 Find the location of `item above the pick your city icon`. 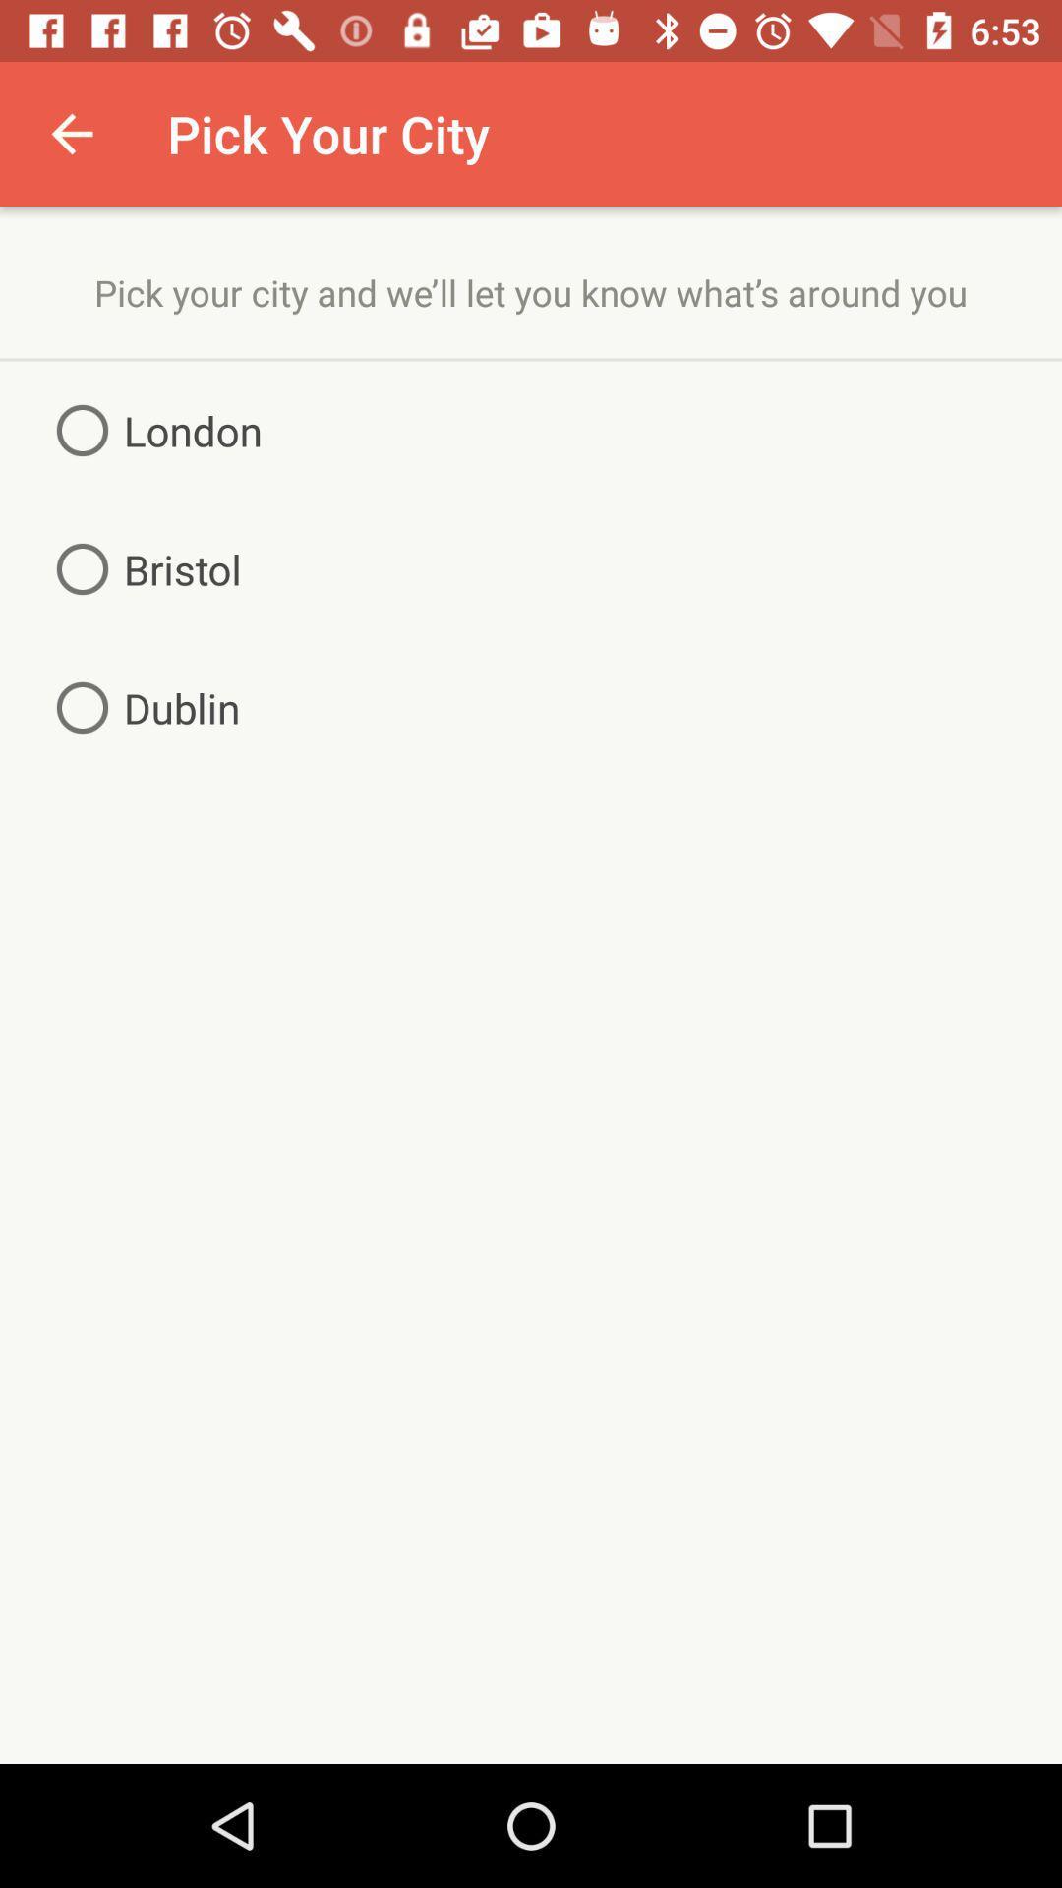

item above the pick your city icon is located at coordinates (71, 133).